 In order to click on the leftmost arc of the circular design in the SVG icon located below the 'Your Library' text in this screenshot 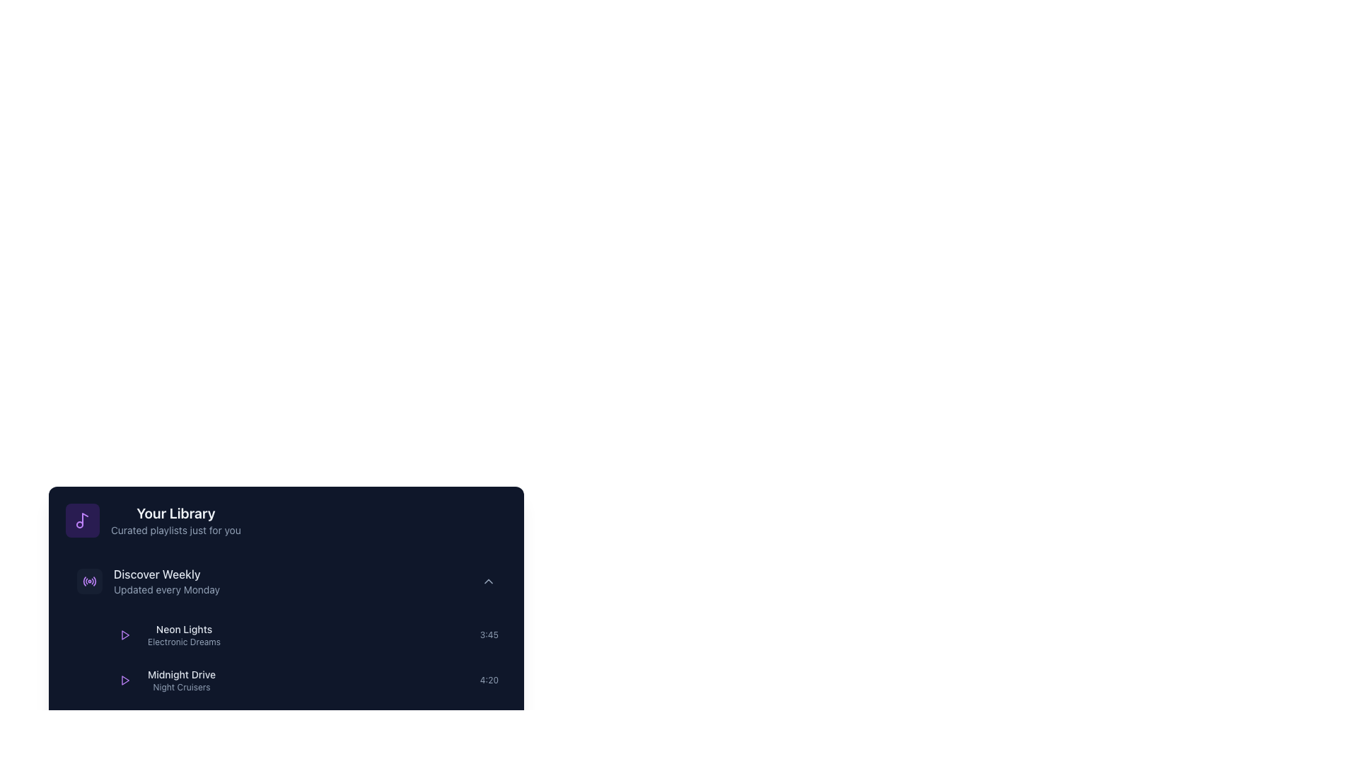, I will do `click(83, 581)`.